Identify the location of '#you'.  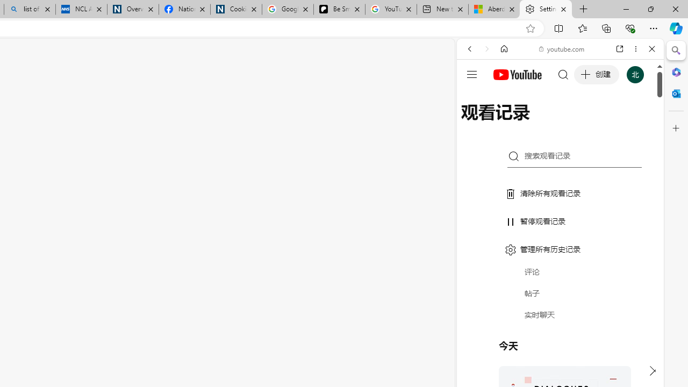
(560, 239).